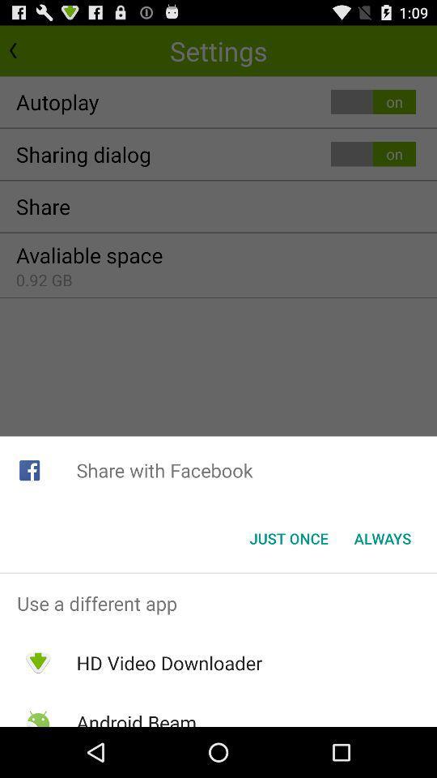  What do you see at coordinates (382, 538) in the screenshot?
I see `app below the share with facebook app` at bounding box center [382, 538].